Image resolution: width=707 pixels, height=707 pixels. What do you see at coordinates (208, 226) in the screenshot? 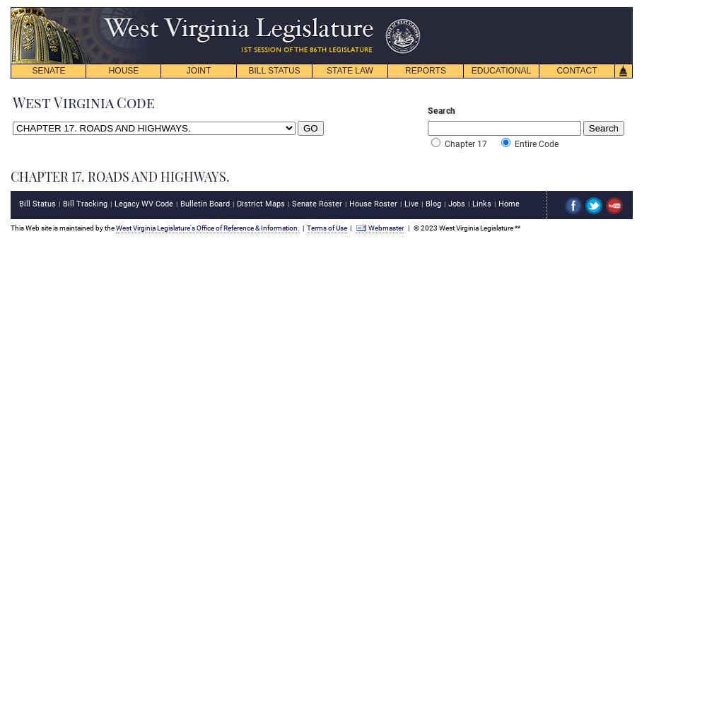
I see `'West Virginia Legislature's Office of Reference & Information.'` at bounding box center [208, 226].